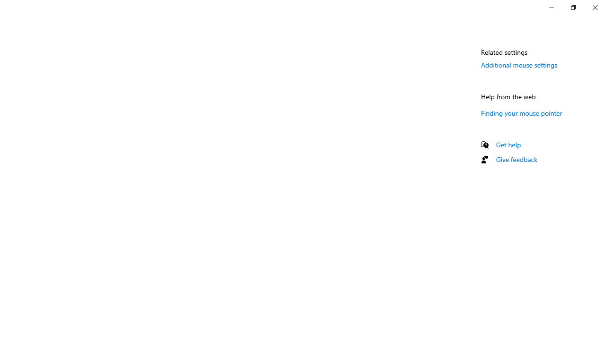  Describe the element at coordinates (508, 144) in the screenshot. I see `'Get help'` at that location.